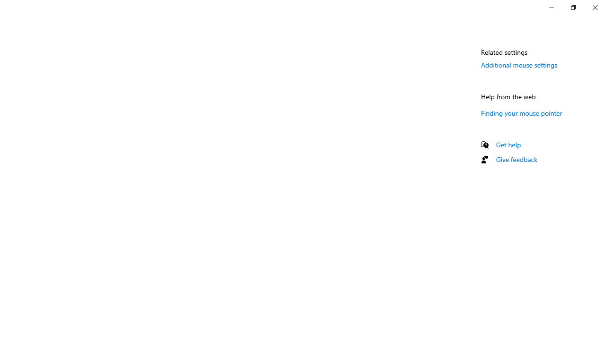  Describe the element at coordinates (508, 144) in the screenshot. I see `'Get help'` at that location.